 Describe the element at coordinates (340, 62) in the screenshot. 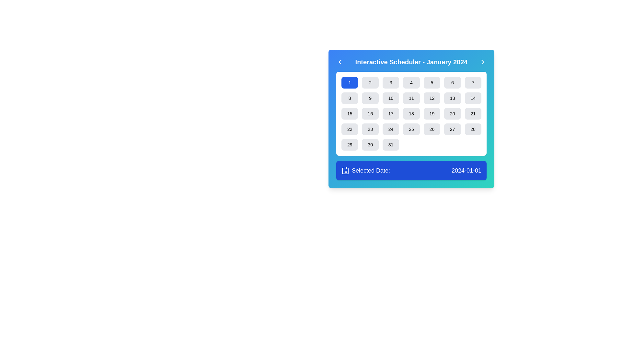

I see `the left chevron icon button located at the left end of the header titled 'Interactive Scheduler - January 2024'` at that location.